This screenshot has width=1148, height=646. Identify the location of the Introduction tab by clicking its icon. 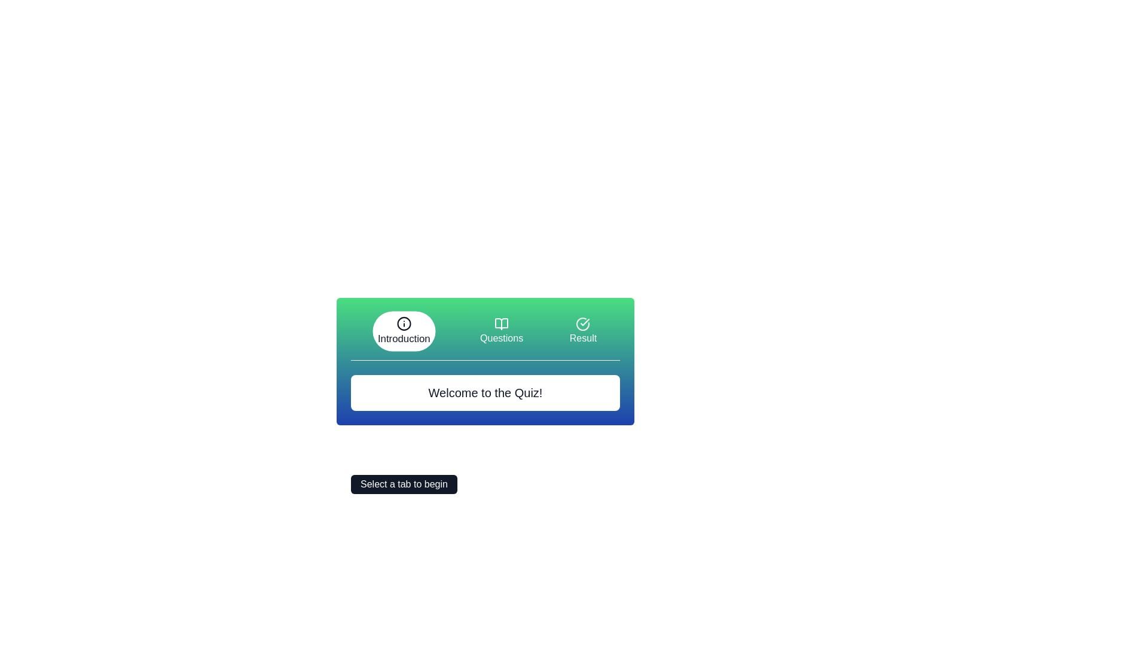
(404, 331).